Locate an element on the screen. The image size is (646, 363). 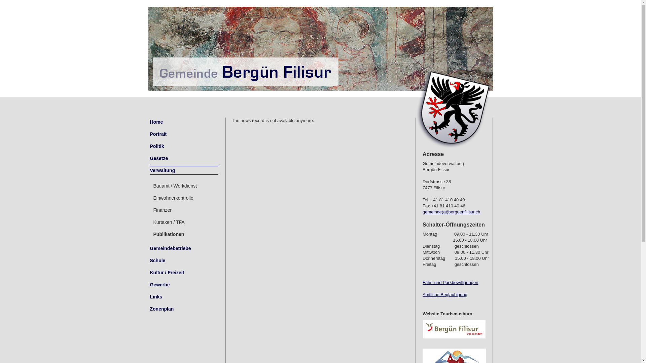
'Publikationen' is located at coordinates (184, 234).